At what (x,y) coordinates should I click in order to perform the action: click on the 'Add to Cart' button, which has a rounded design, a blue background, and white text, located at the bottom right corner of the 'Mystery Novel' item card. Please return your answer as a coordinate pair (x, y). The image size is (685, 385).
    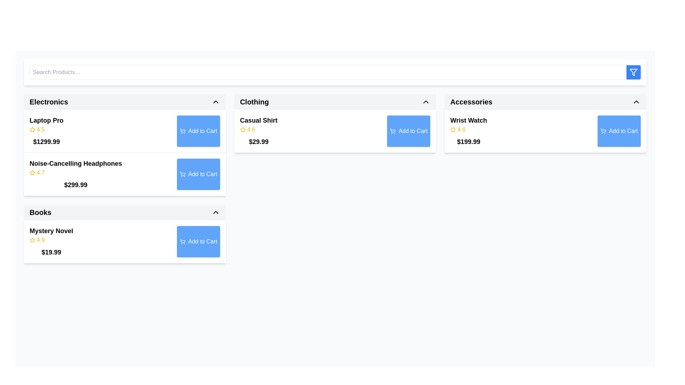
    Looking at the image, I should click on (198, 241).